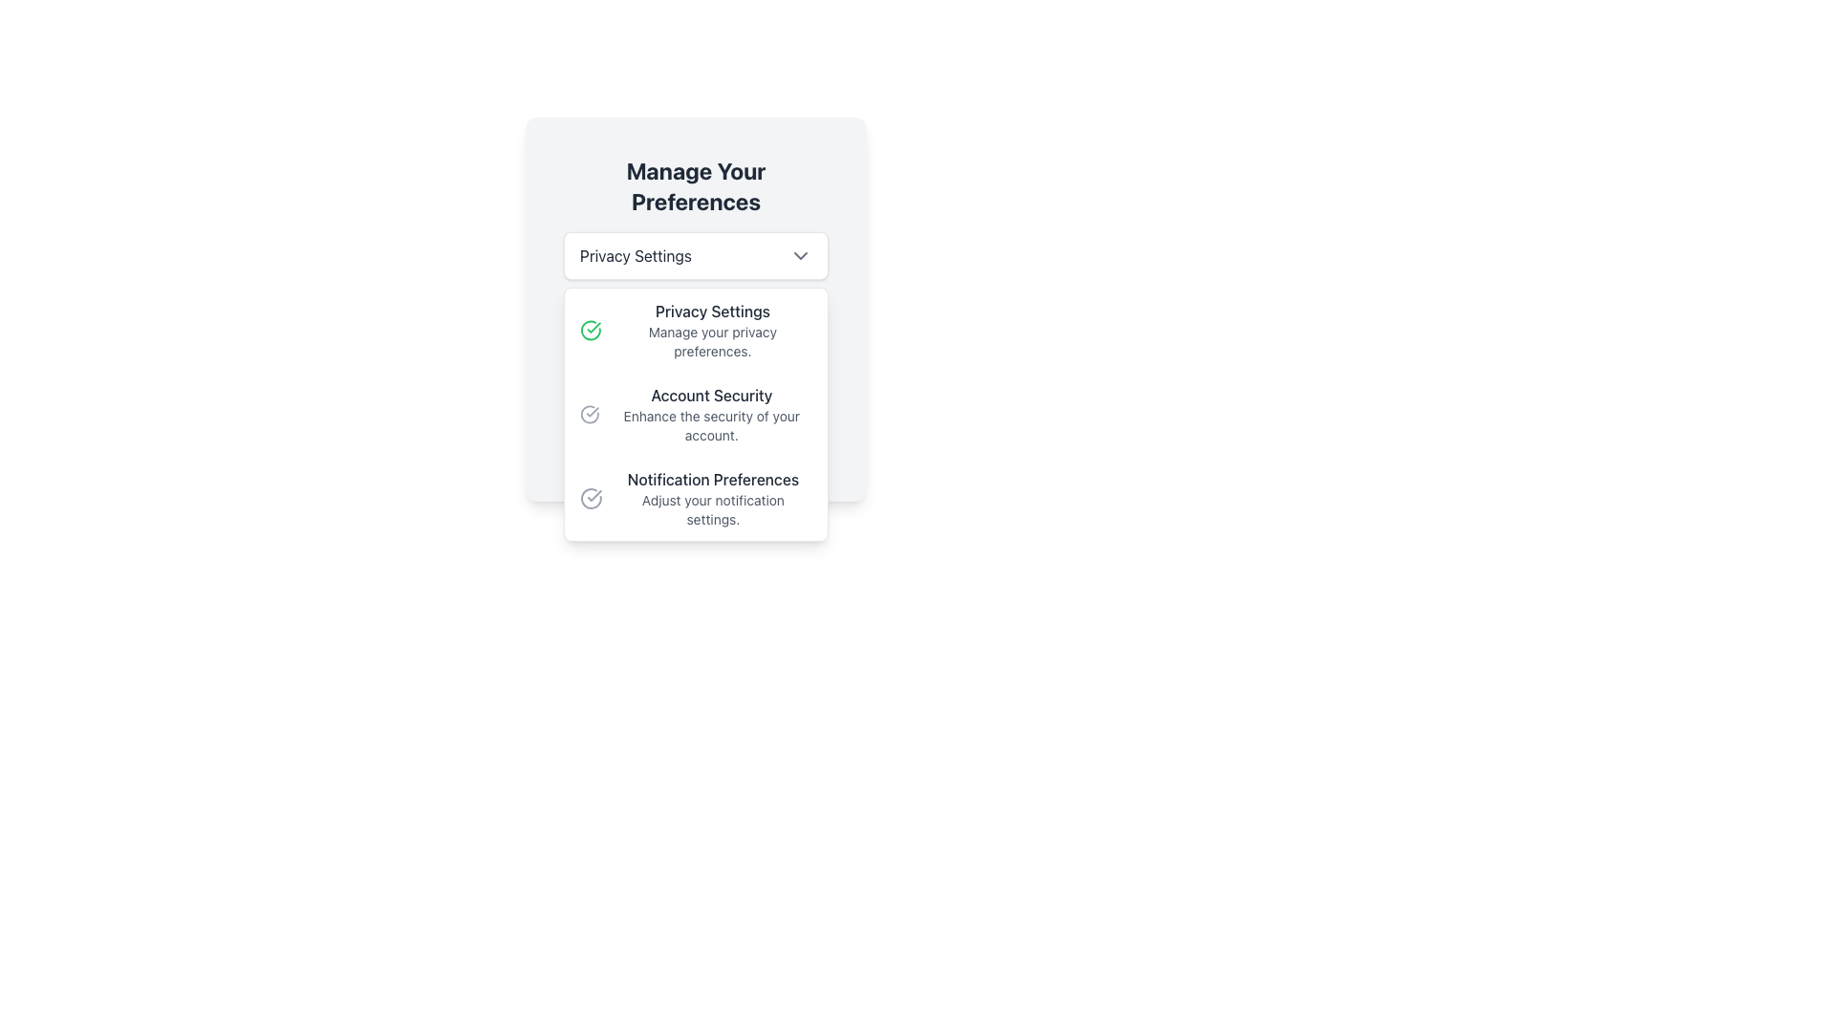 This screenshot has height=1032, width=1835. What do you see at coordinates (711, 311) in the screenshot?
I see `the 'Privacy Settings' text label located in the upper part of the dropdown menu, which is styled with a medium font weight and contrasts well with the light background` at bounding box center [711, 311].